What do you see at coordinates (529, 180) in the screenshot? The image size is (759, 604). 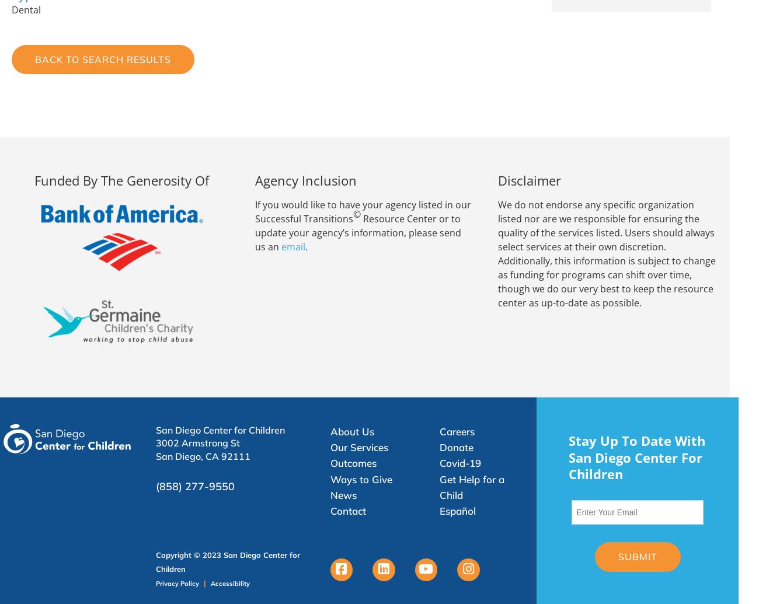 I see `'Disclaimer'` at bounding box center [529, 180].